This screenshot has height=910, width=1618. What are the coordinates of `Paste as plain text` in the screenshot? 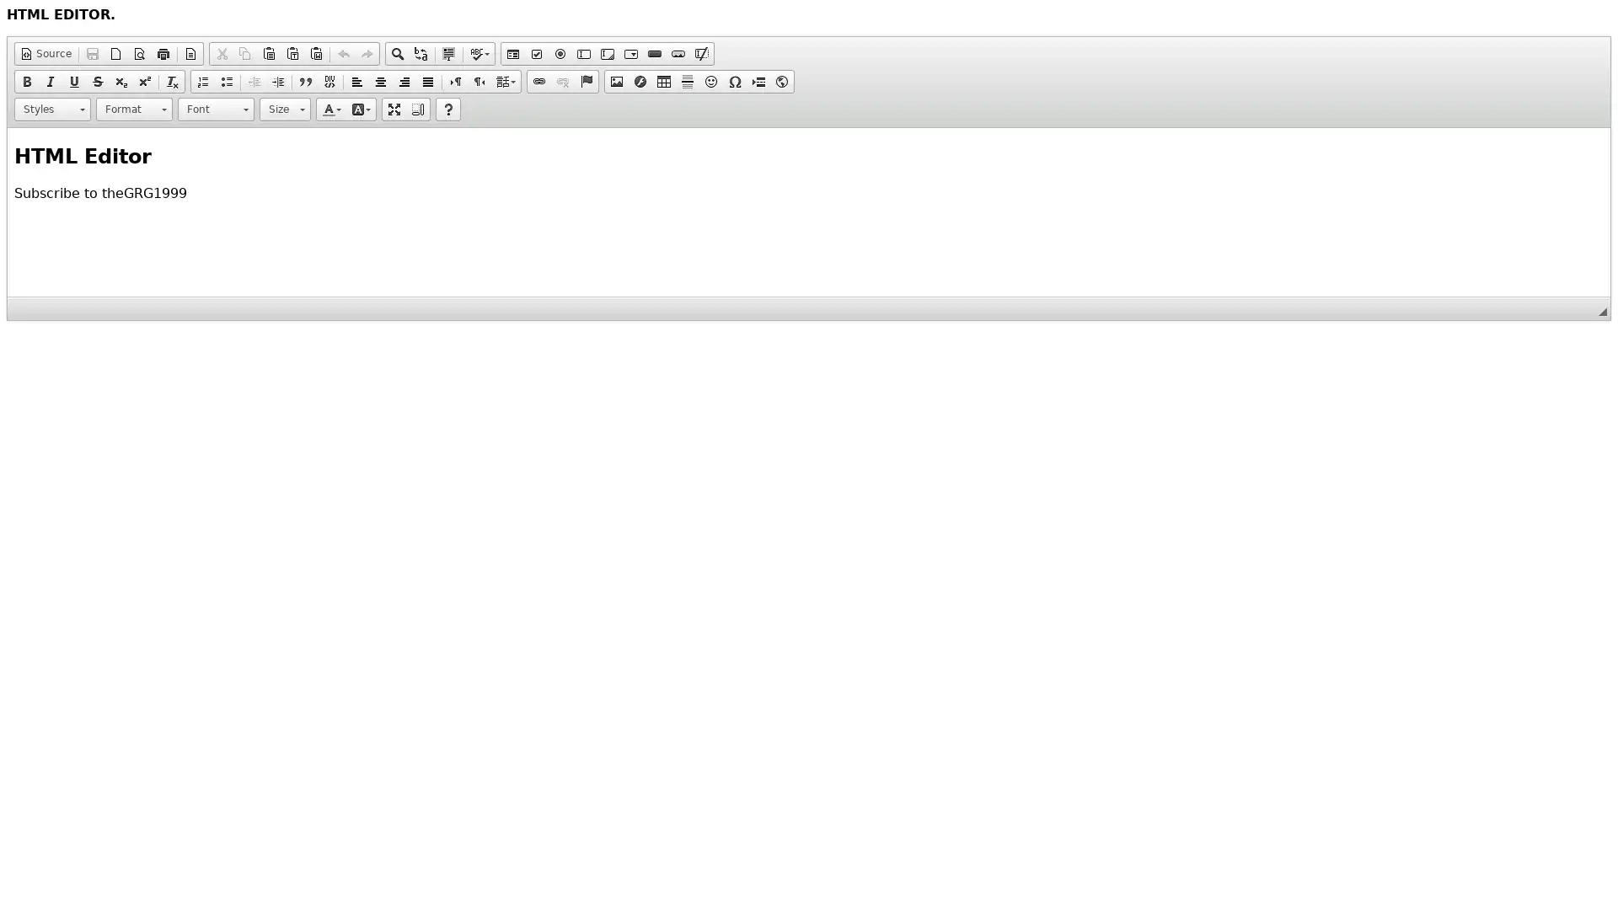 It's located at (292, 53).